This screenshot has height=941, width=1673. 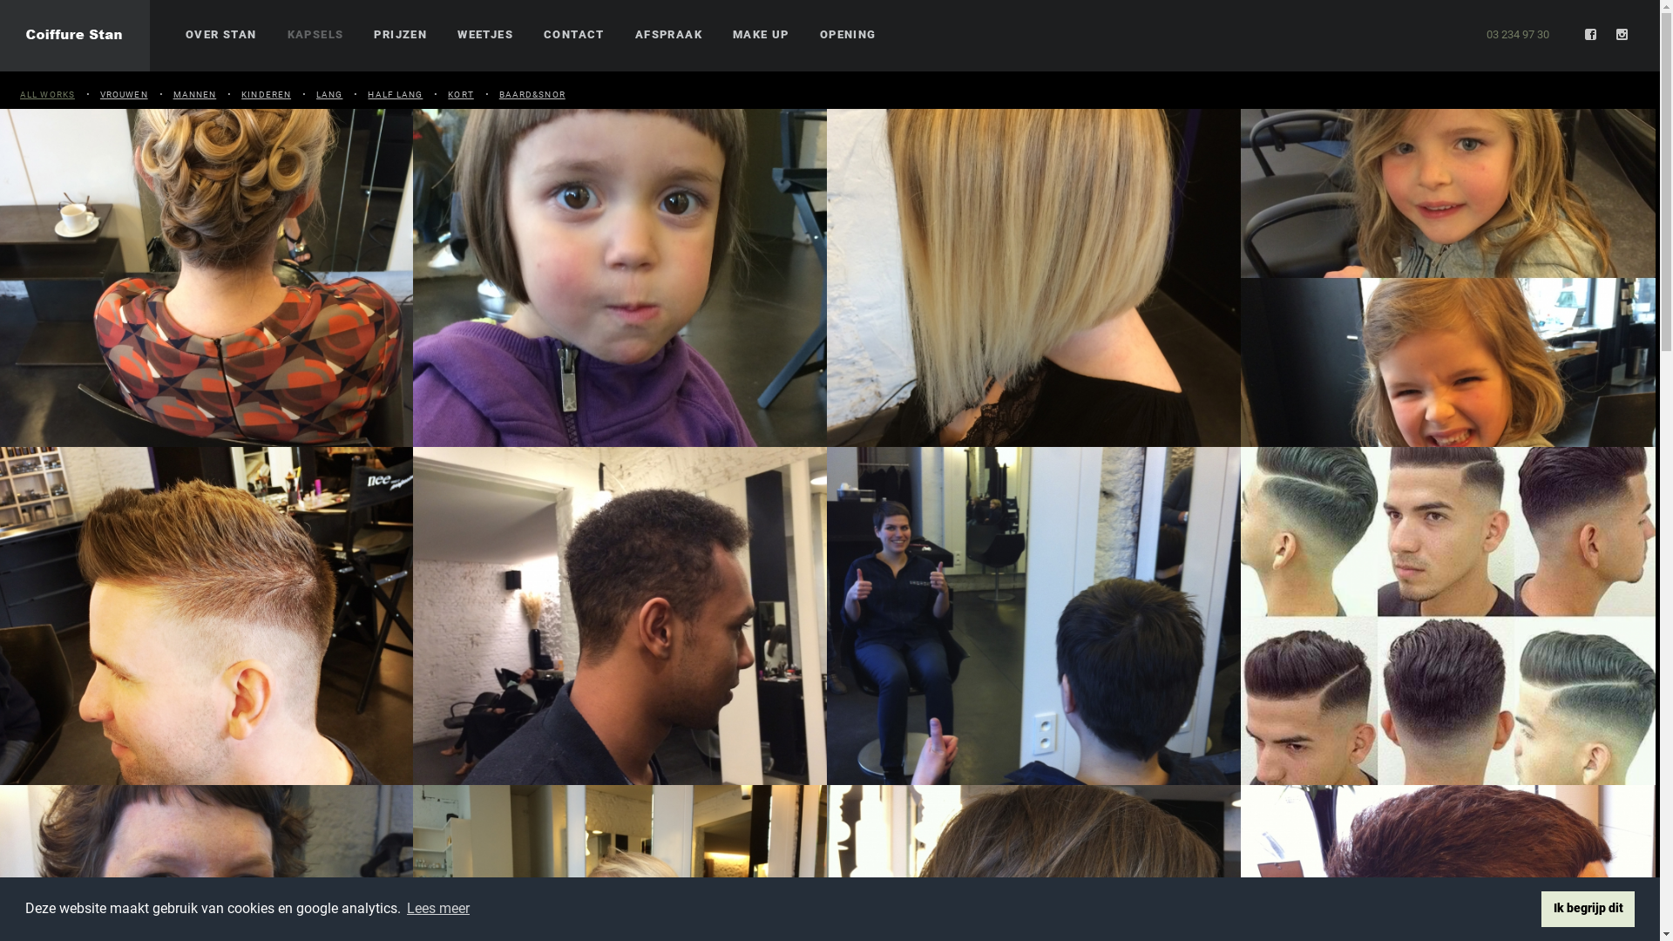 I want to click on 'AFSPRAAK', so click(x=667, y=35).